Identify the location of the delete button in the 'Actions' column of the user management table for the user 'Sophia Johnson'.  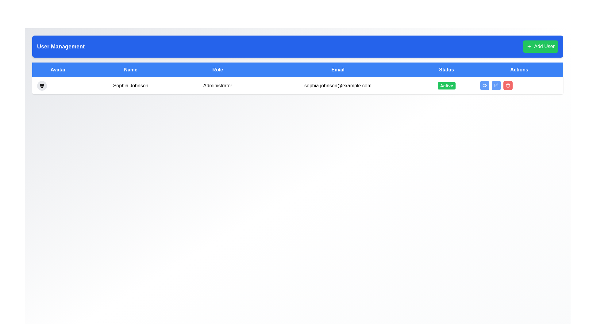
(508, 85).